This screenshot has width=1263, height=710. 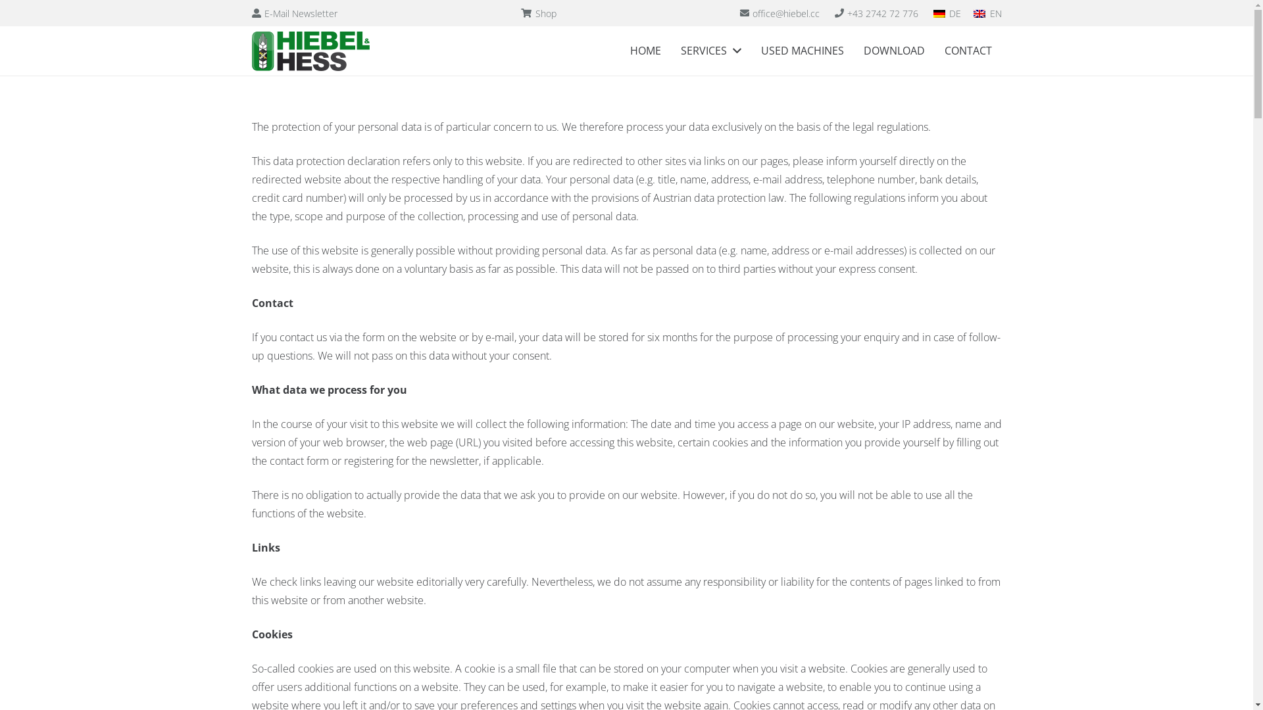 I want to click on 'DOWNLOAD', so click(x=894, y=50).